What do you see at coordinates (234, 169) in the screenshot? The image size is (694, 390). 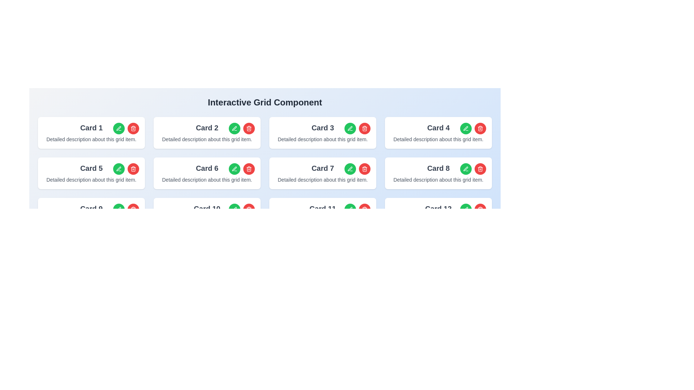 I see `the stylized pen icon located in 'Card 6'` at bounding box center [234, 169].